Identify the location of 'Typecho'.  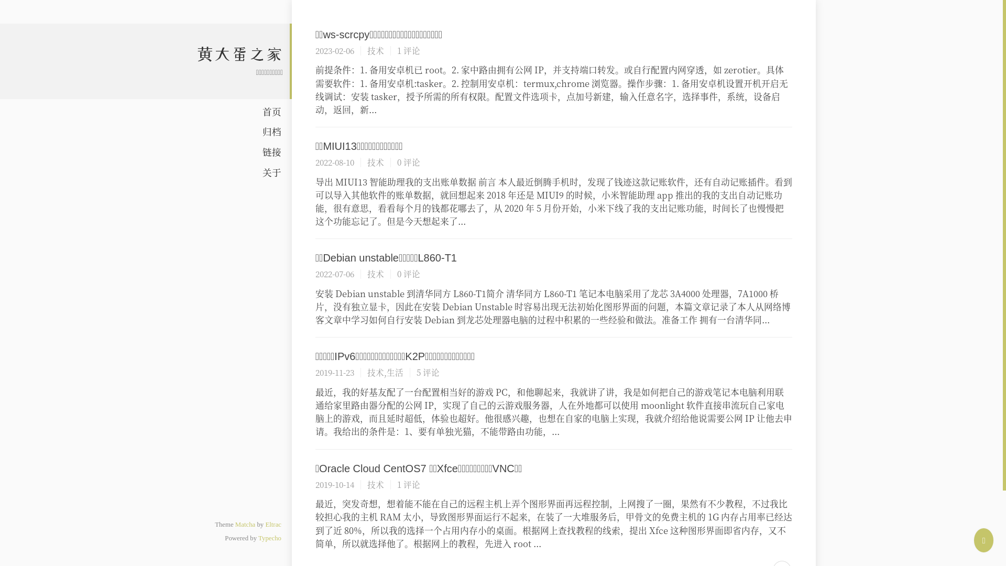
(269, 538).